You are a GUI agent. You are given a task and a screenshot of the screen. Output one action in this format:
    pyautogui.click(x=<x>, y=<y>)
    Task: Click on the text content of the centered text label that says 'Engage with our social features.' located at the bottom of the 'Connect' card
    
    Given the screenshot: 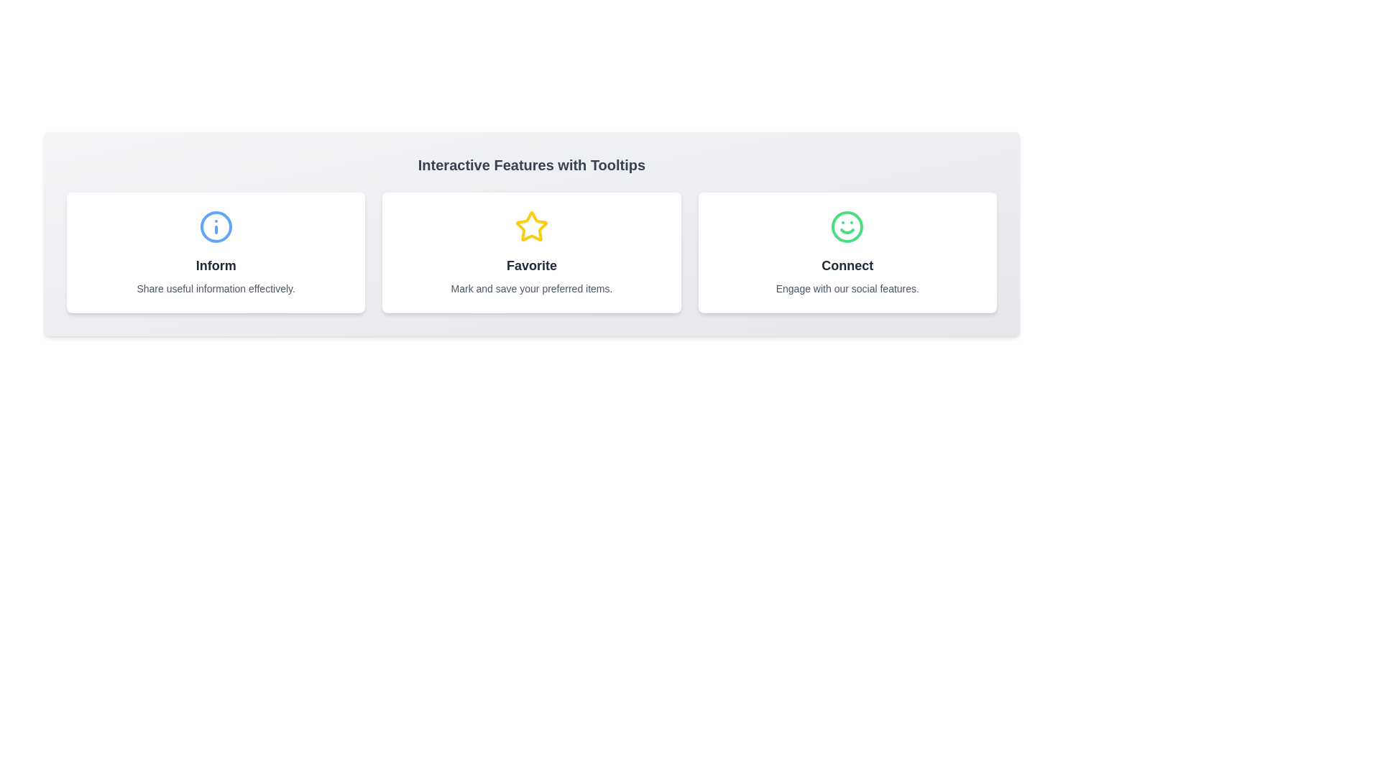 What is the action you would take?
    pyautogui.click(x=847, y=288)
    